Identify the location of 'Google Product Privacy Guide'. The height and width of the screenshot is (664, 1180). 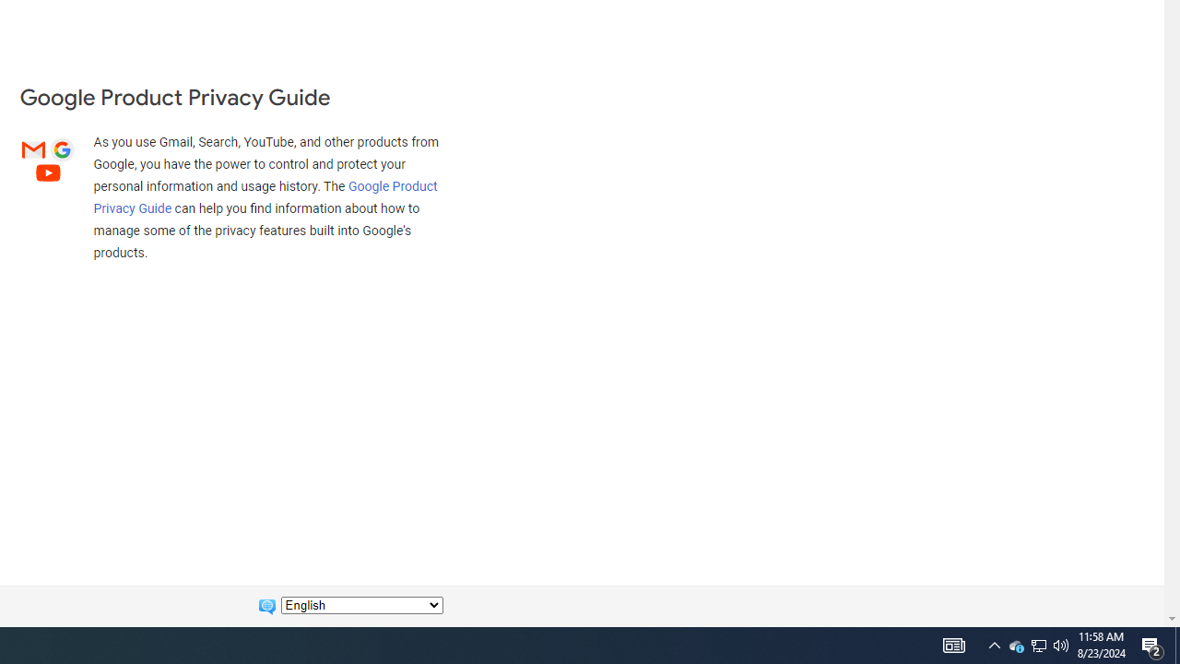
(265, 196).